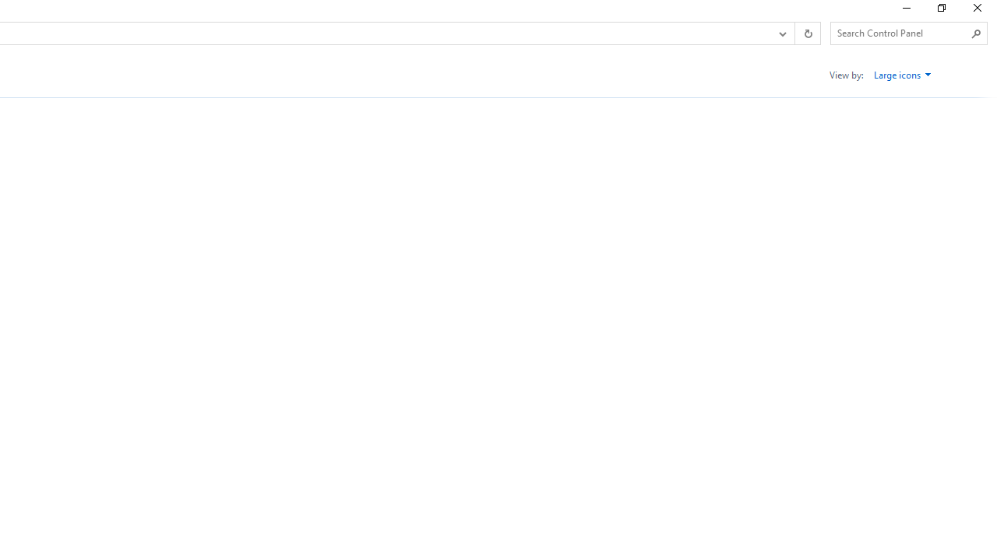  What do you see at coordinates (905, 12) in the screenshot?
I see `'Minimize'` at bounding box center [905, 12].